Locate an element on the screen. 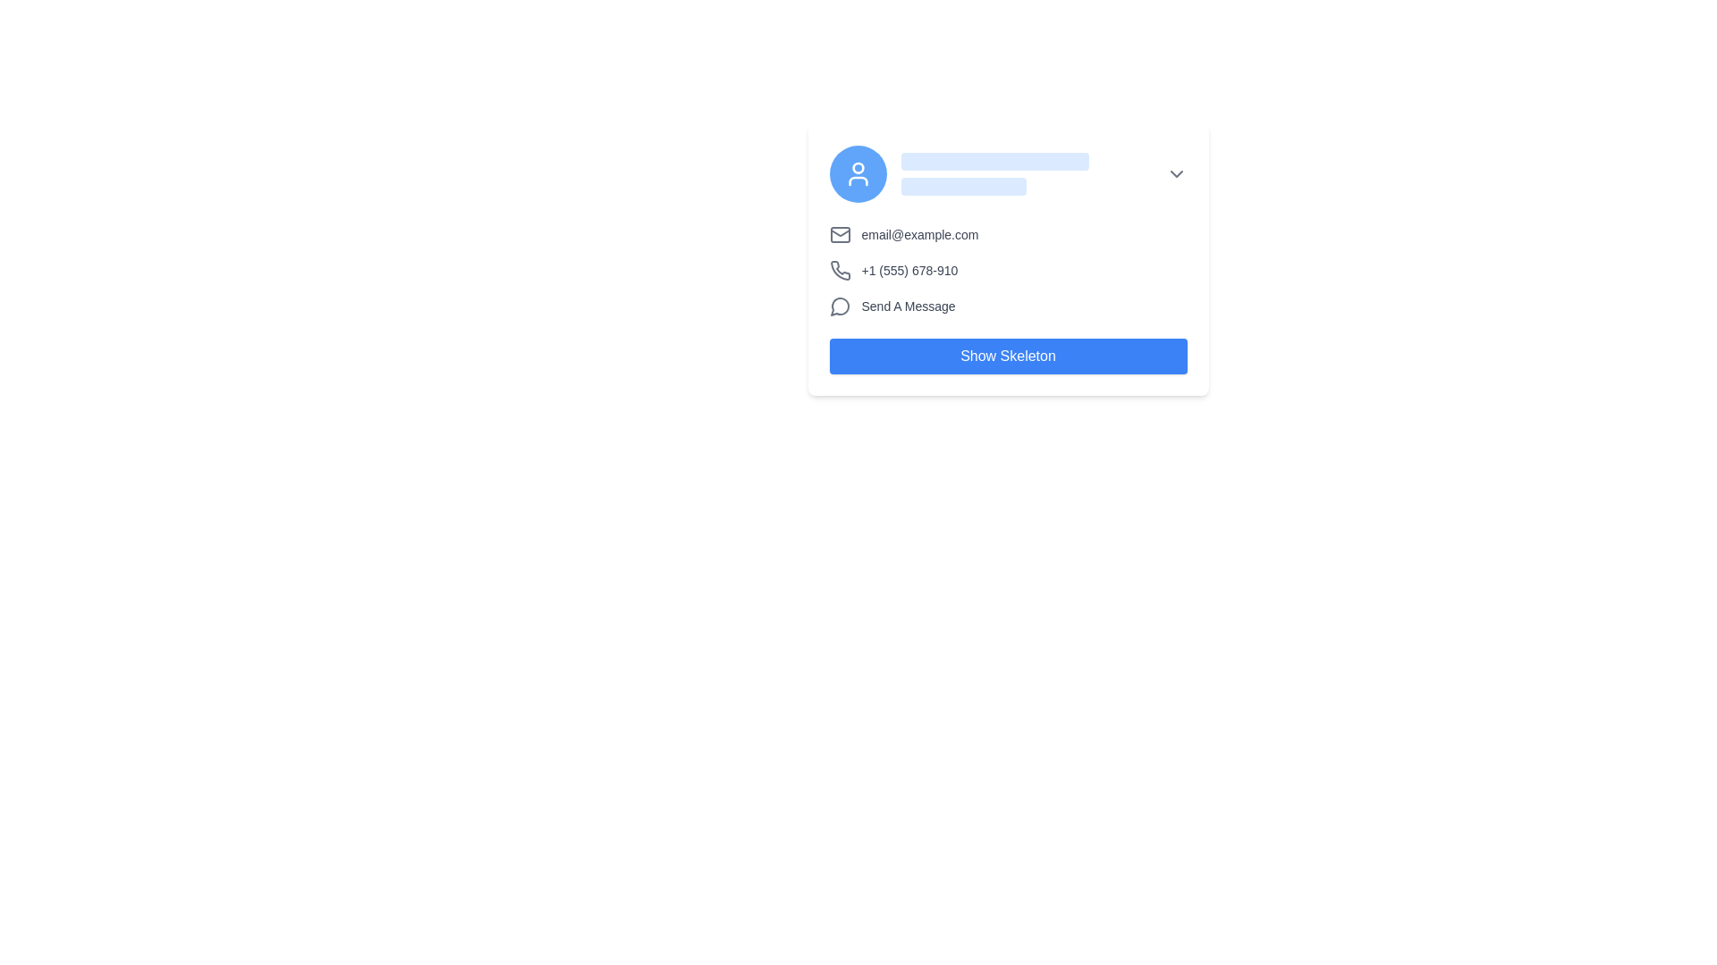 The height and width of the screenshot is (965, 1717). the gray outlined chat bubble icon located to the left of the 'Send A Message' text, which is part of a horizontally aligned grouping in the lower-middle section of the card is located at coordinates (839, 306).